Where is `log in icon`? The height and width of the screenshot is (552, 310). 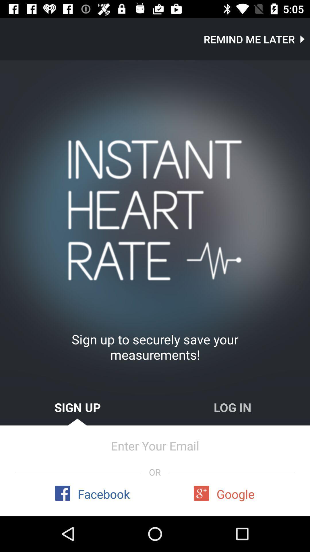
log in icon is located at coordinates (232, 407).